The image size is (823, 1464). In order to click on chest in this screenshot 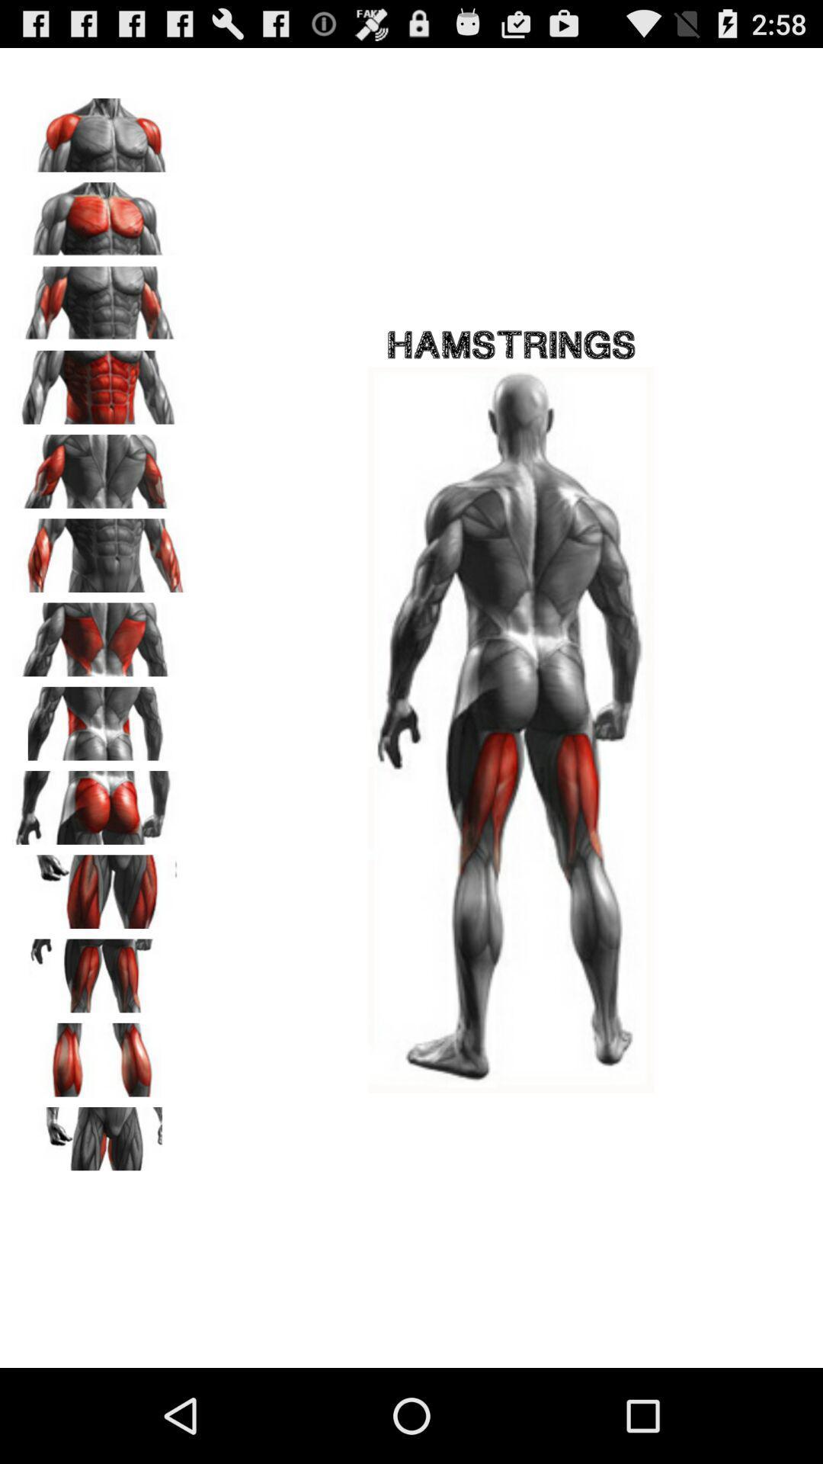, I will do `click(100, 213)`.